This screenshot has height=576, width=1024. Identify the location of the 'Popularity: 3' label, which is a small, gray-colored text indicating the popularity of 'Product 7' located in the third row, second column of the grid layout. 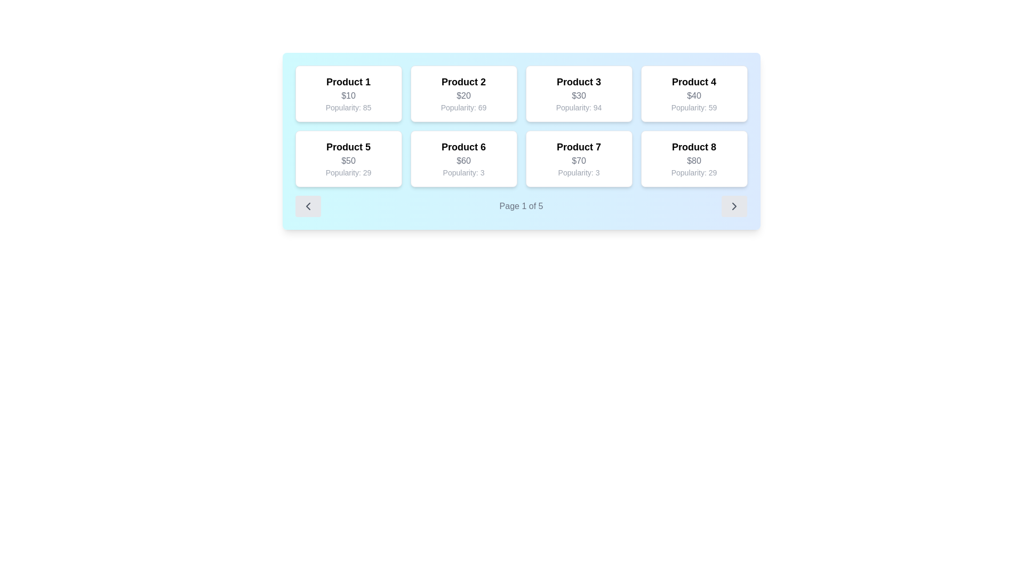
(578, 172).